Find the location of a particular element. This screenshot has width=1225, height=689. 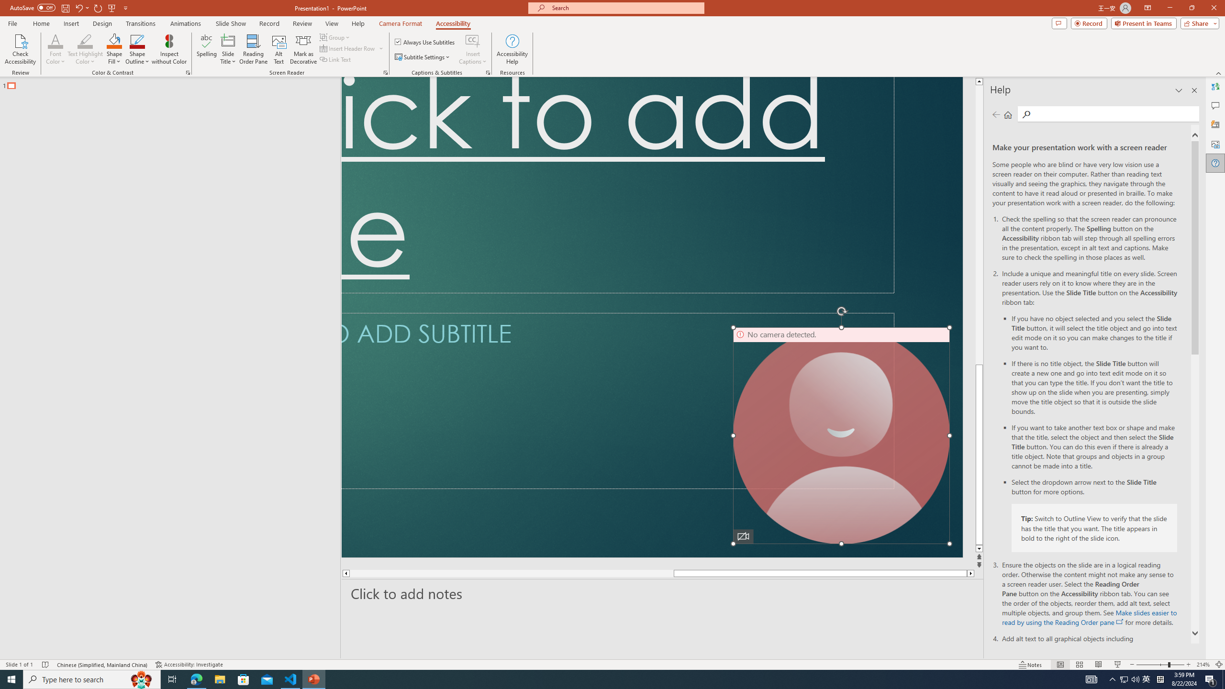

'Insert Header Row' is located at coordinates (352, 47).